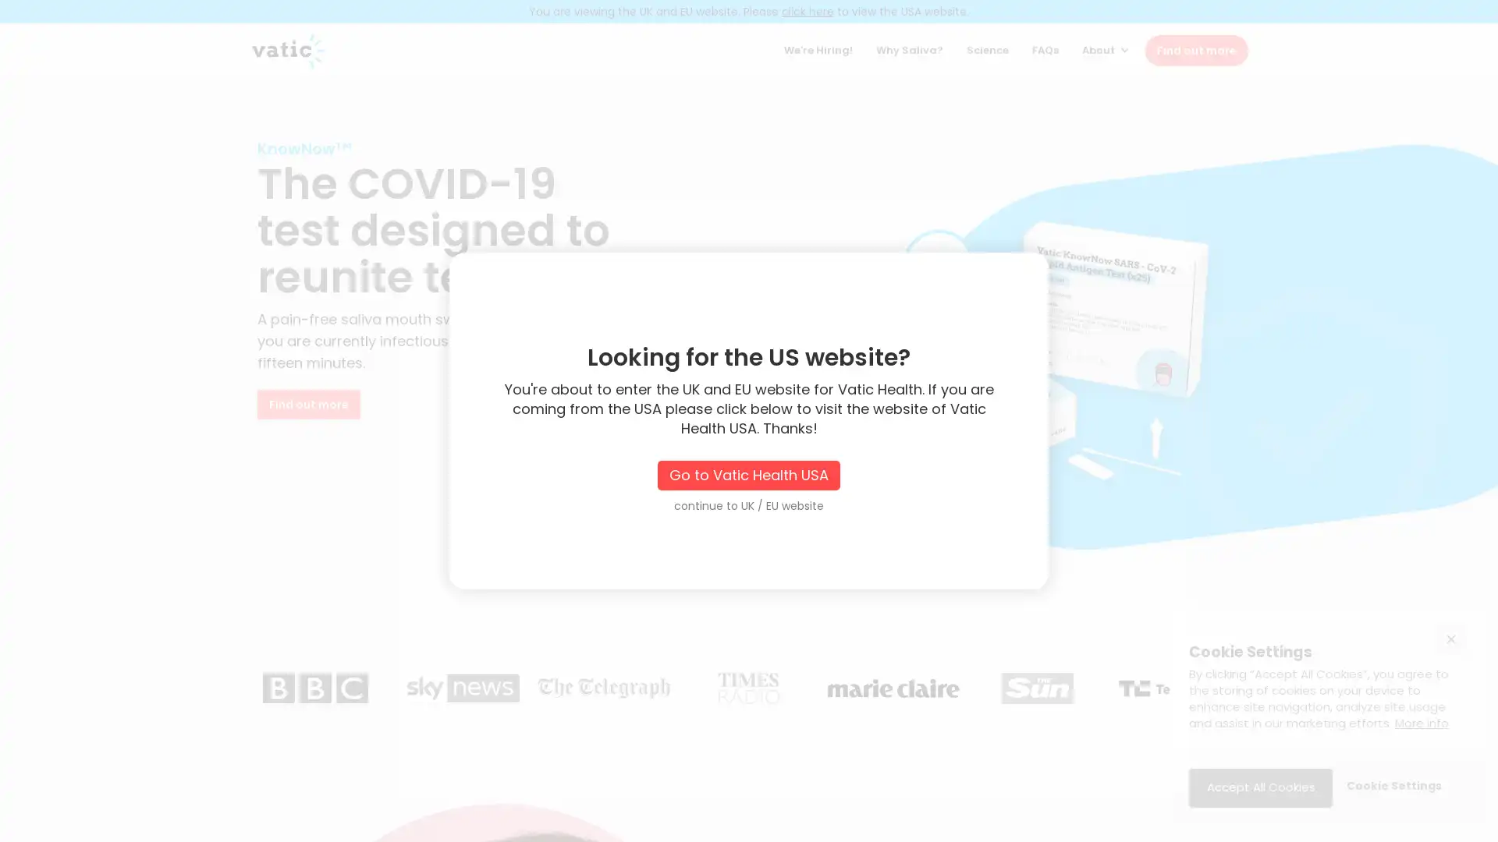 Image resolution: width=1498 pixels, height=842 pixels. Describe the element at coordinates (1450, 638) in the screenshot. I see `Close Cookie Popup` at that location.